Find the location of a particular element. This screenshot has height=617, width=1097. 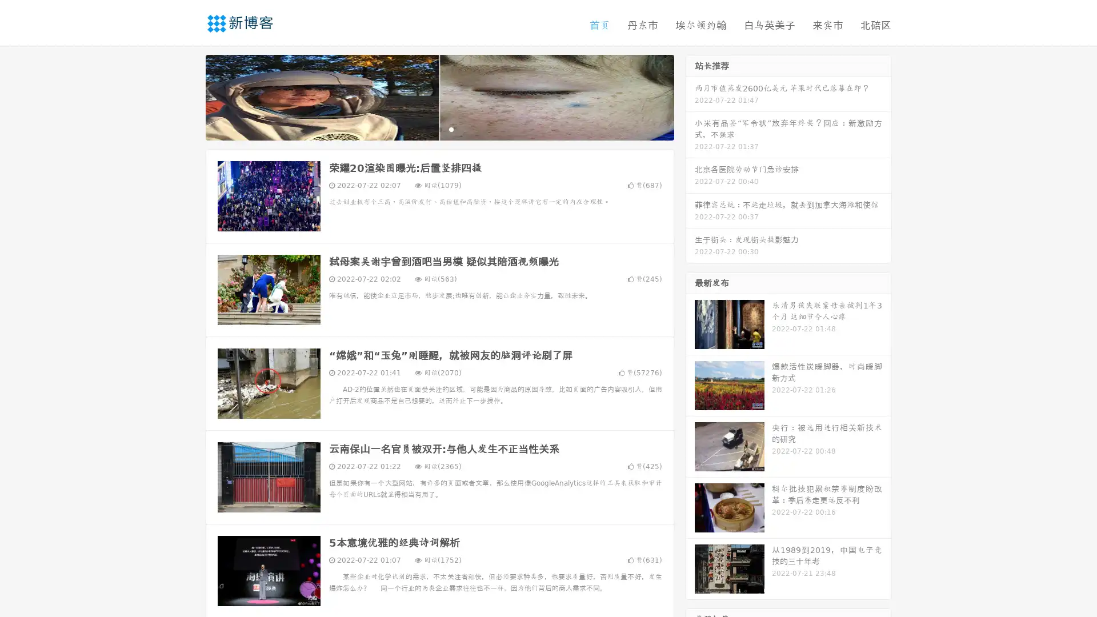

Go to slide 2 is located at coordinates (439, 129).